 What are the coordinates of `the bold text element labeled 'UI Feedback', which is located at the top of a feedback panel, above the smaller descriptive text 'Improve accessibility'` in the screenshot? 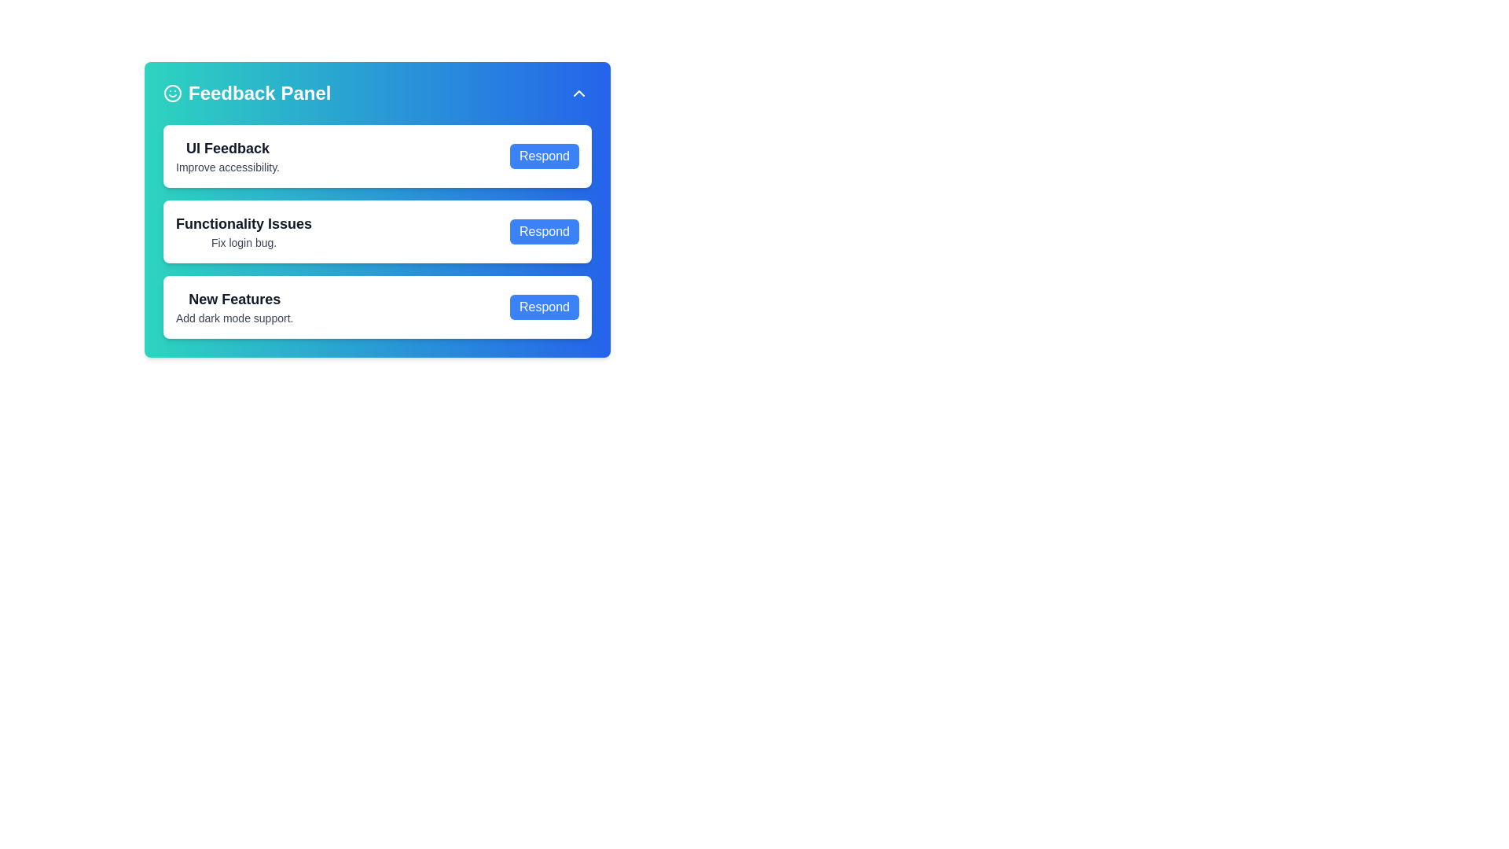 It's located at (226, 149).